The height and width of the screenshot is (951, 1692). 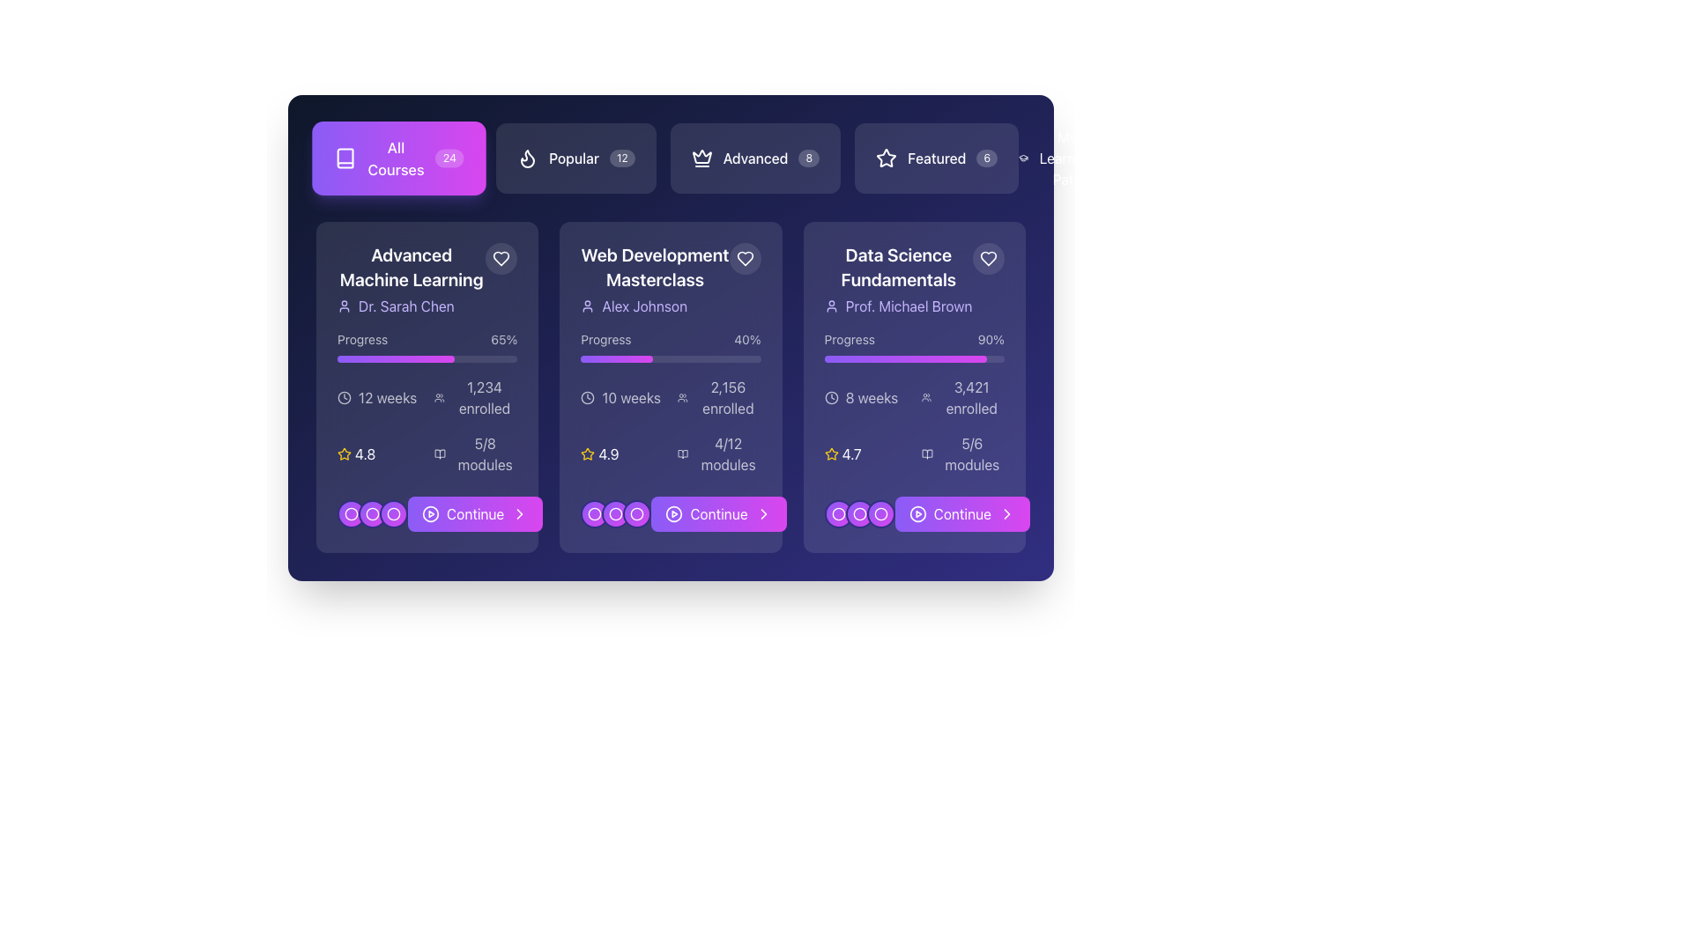 What do you see at coordinates (475, 513) in the screenshot?
I see `the 'Continue' button with a gradient background transitioning from violet to fuchsia, which is located at the bottom center of the 'Advanced Machine Learning' course card, to trigger related hover effects` at bounding box center [475, 513].